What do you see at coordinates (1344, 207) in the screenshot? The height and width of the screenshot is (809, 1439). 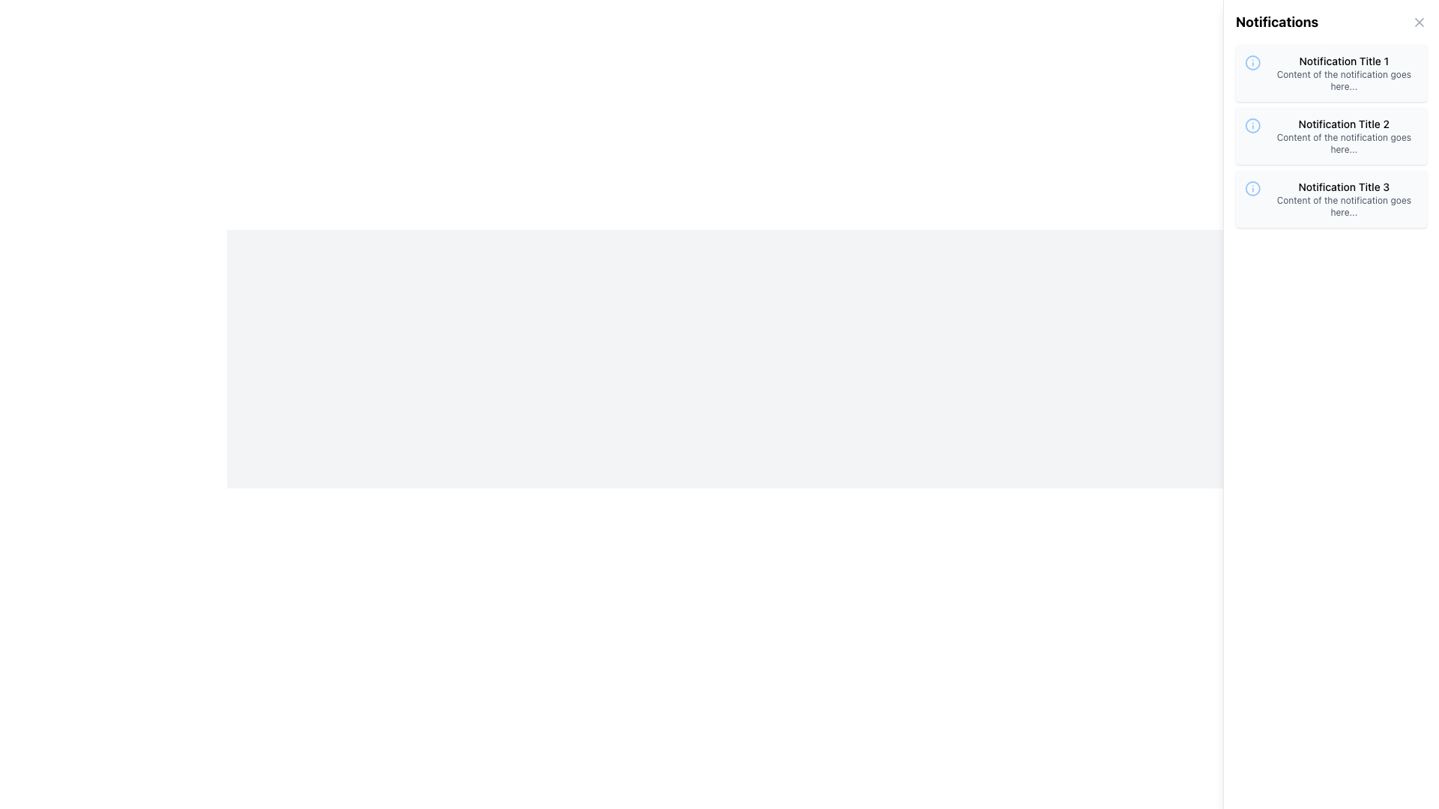 I see `detailed content of the third notification message located in the Notifications side panel, immediately below the title 'Notification Title 3.'` at bounding box center [1344, 207].